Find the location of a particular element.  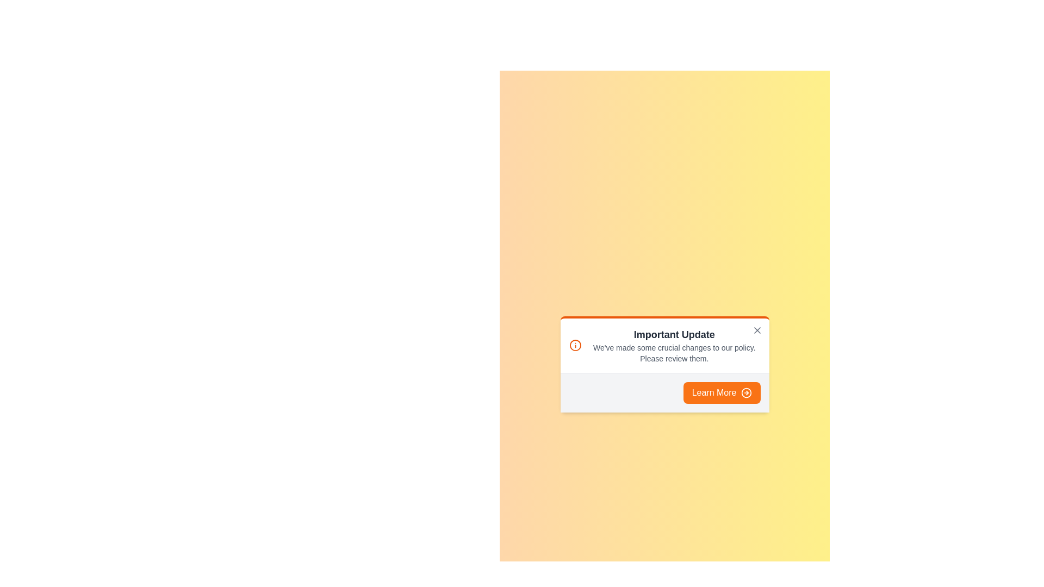

the 'Learn More' button to observe its hover effect is located at coordinates (722, 392).